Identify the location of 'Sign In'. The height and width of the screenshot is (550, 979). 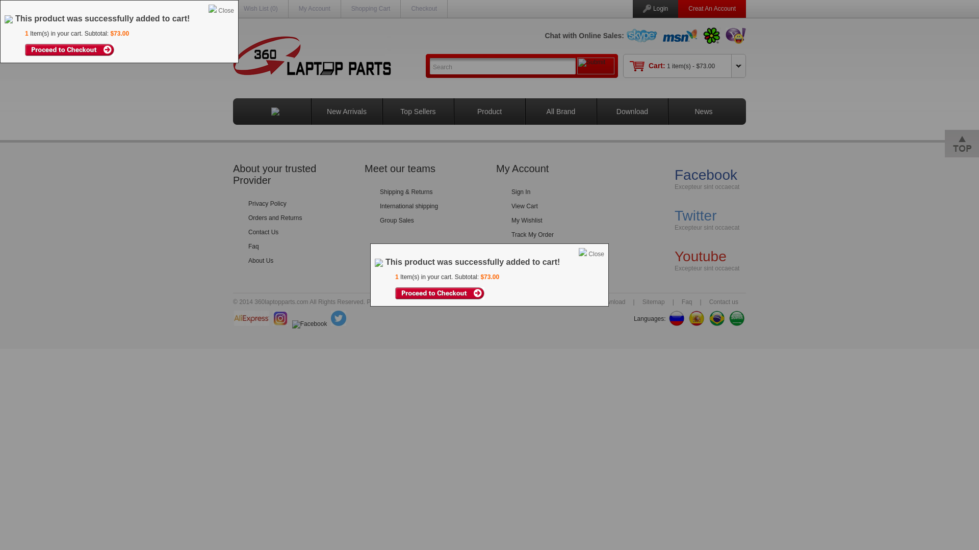
(511, 192).